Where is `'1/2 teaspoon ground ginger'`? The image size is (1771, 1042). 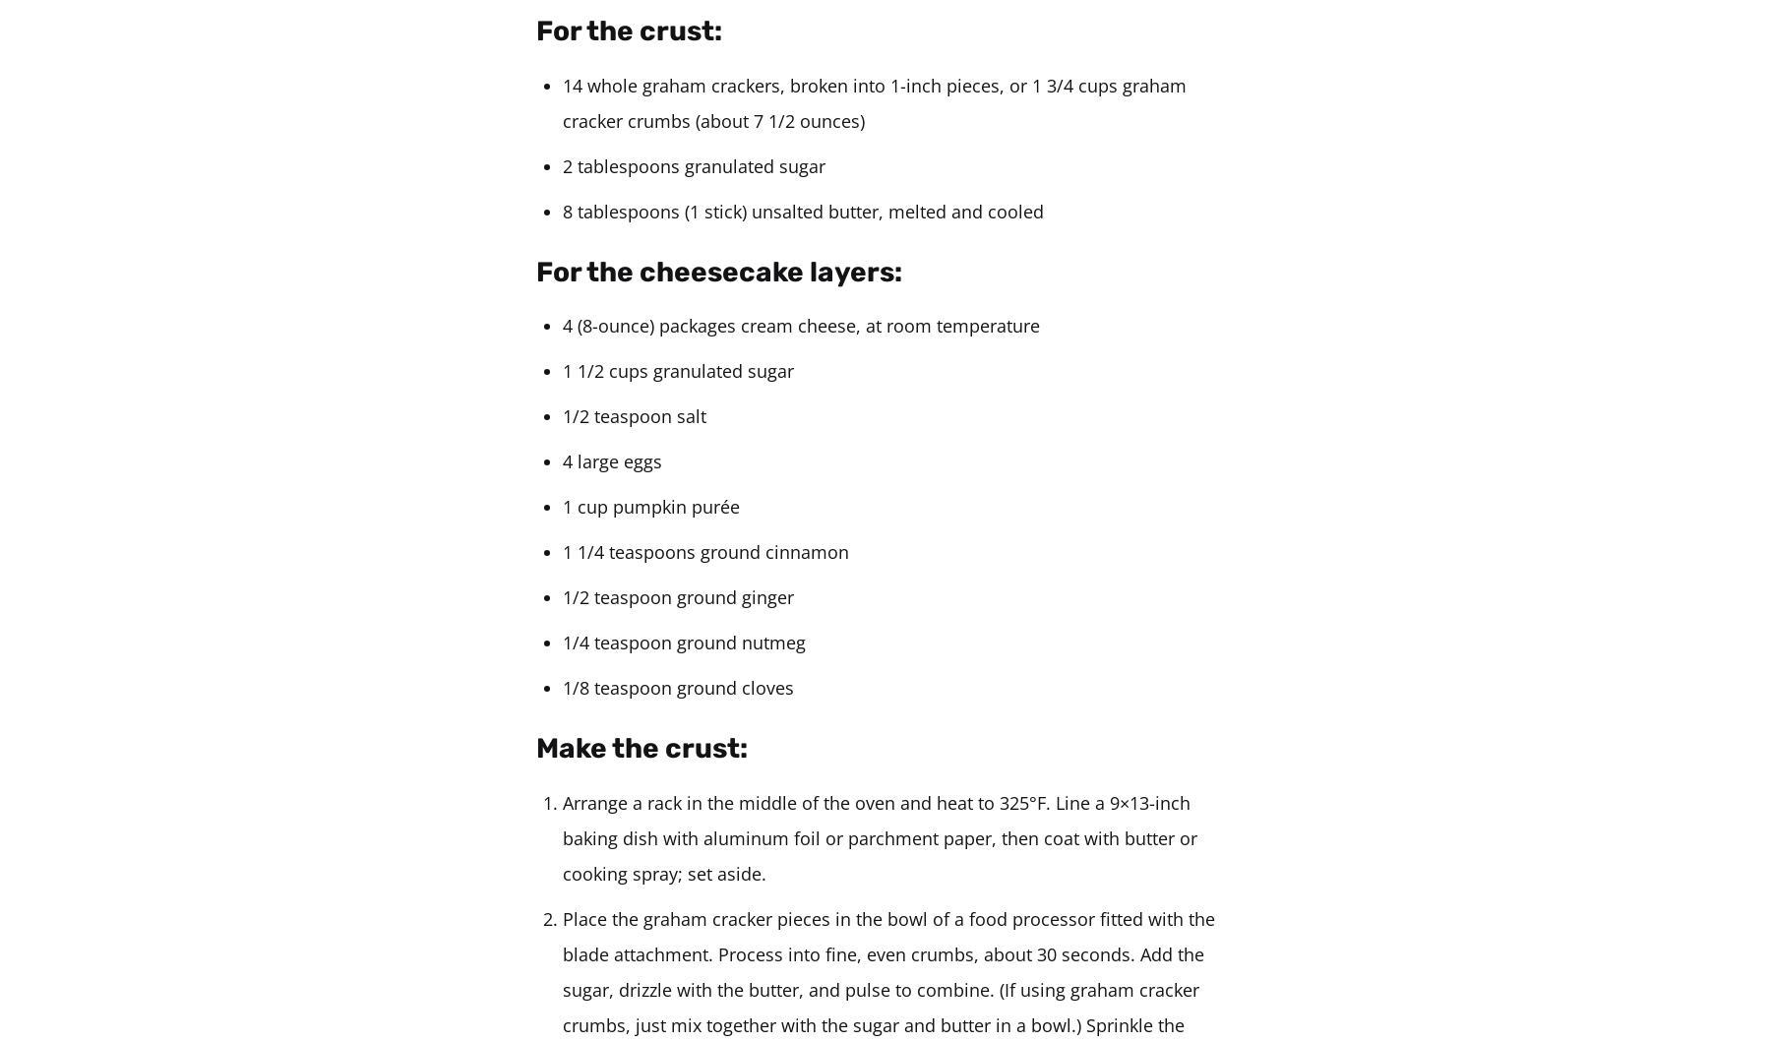
'1/2 teaspoon ground ginger' is located at coordinates (677, 596).